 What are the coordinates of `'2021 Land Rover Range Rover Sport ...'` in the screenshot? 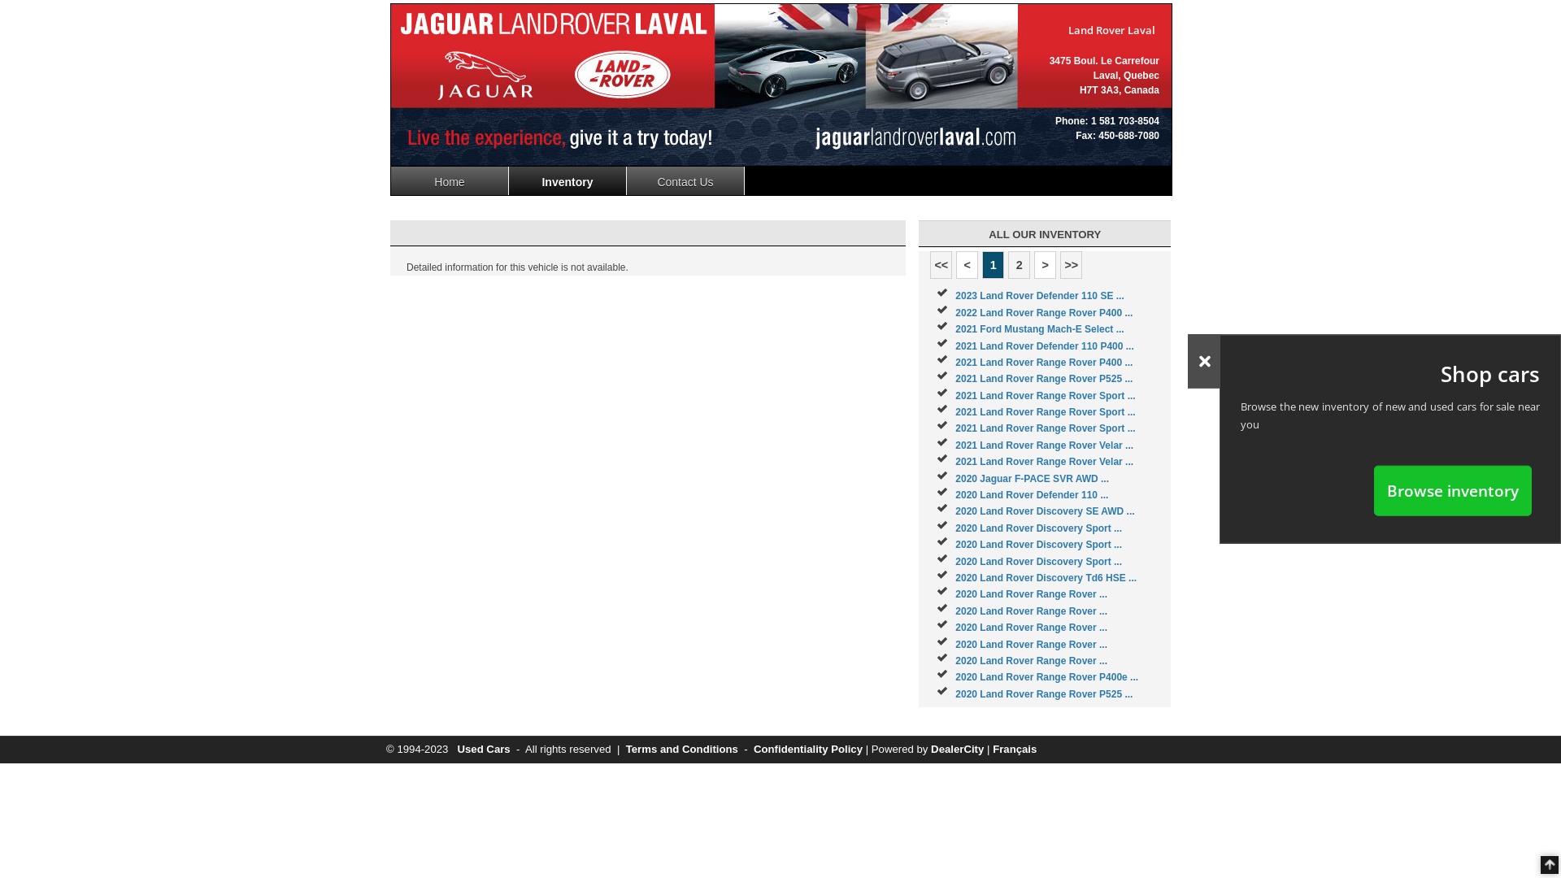 It's located at (1045, 395).